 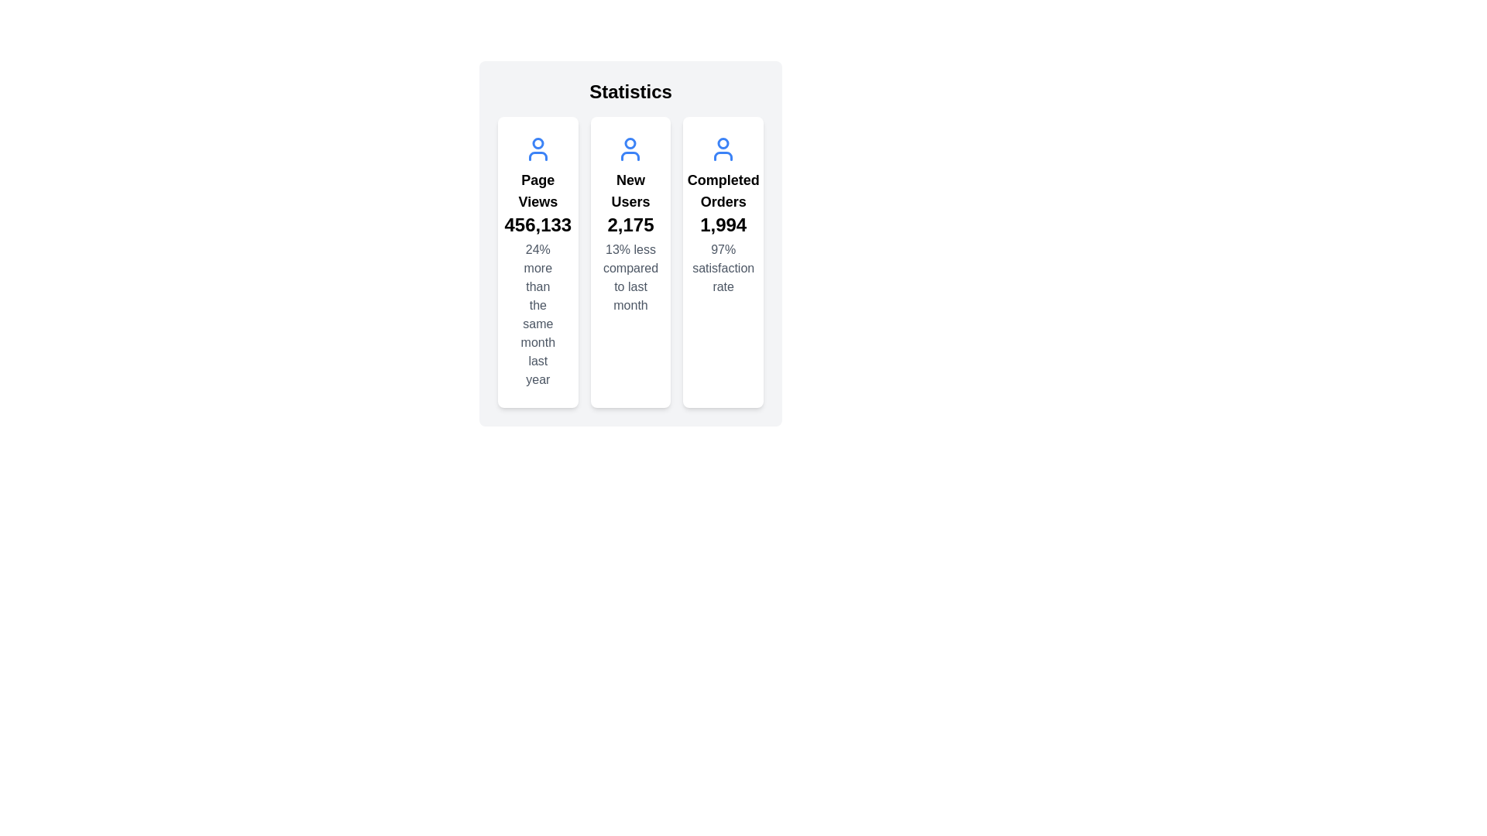 I want to click on the text displaying the number of completed orders, located in the middle section of the 'Completed Orders' card, between the title and description, so click(x=723, y=224).